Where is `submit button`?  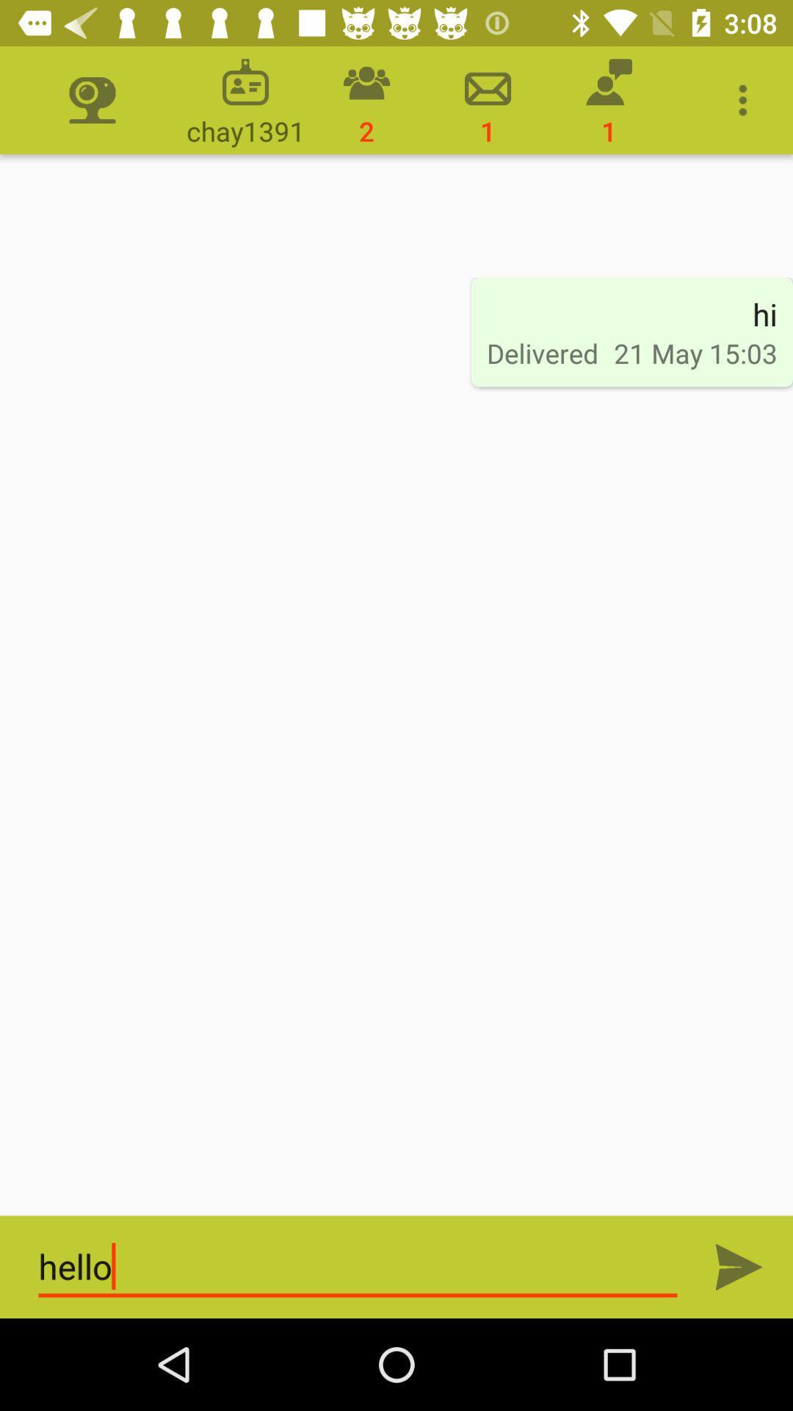
submit button is located at coordinates (739, 1266).